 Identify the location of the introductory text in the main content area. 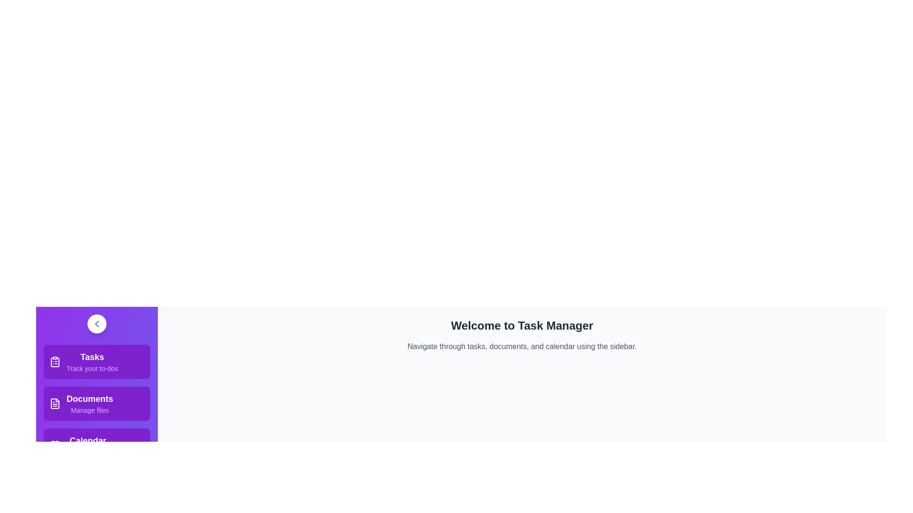
(522, 346).